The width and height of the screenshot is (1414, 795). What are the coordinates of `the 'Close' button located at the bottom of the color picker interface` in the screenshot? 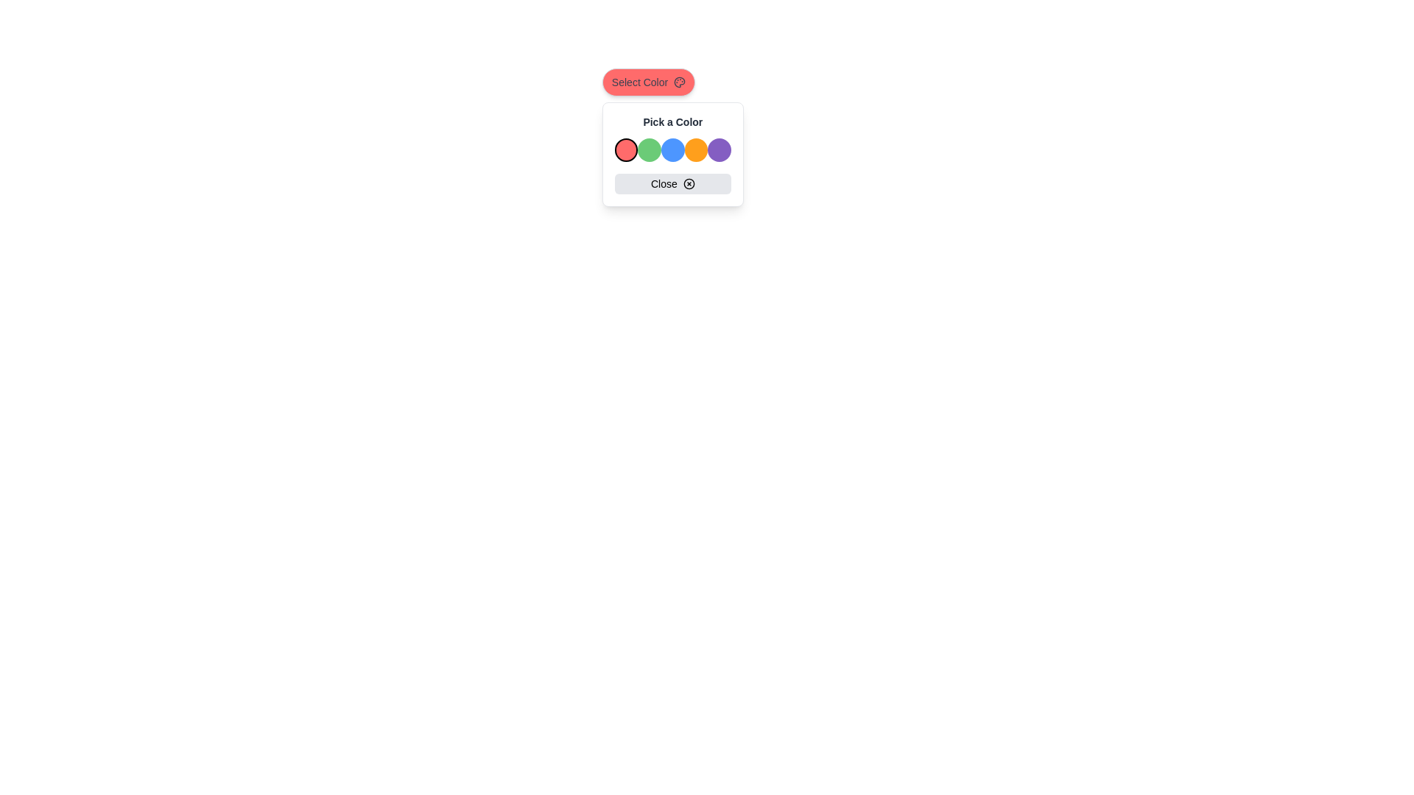 It's located at (672, 183).